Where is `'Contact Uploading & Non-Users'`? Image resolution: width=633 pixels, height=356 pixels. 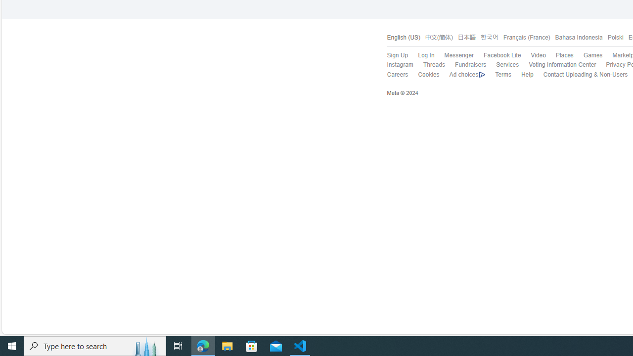
'Contact Uploading & Non-Users' is located at coordinates (580, 74).